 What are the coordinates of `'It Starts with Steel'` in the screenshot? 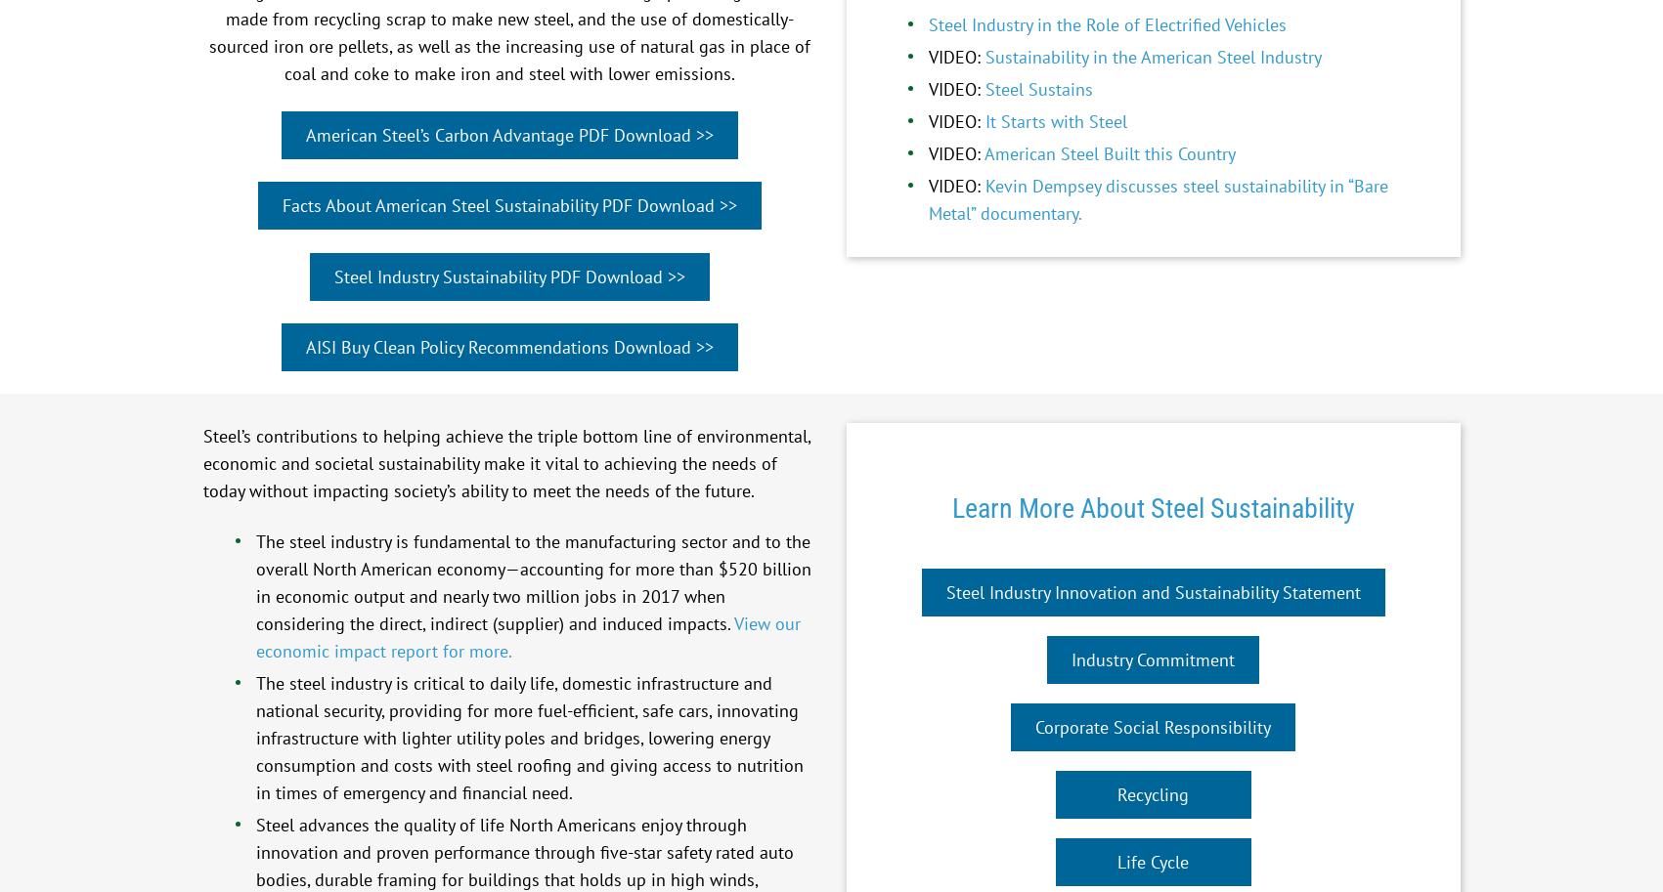 It's located at (1055, 120).